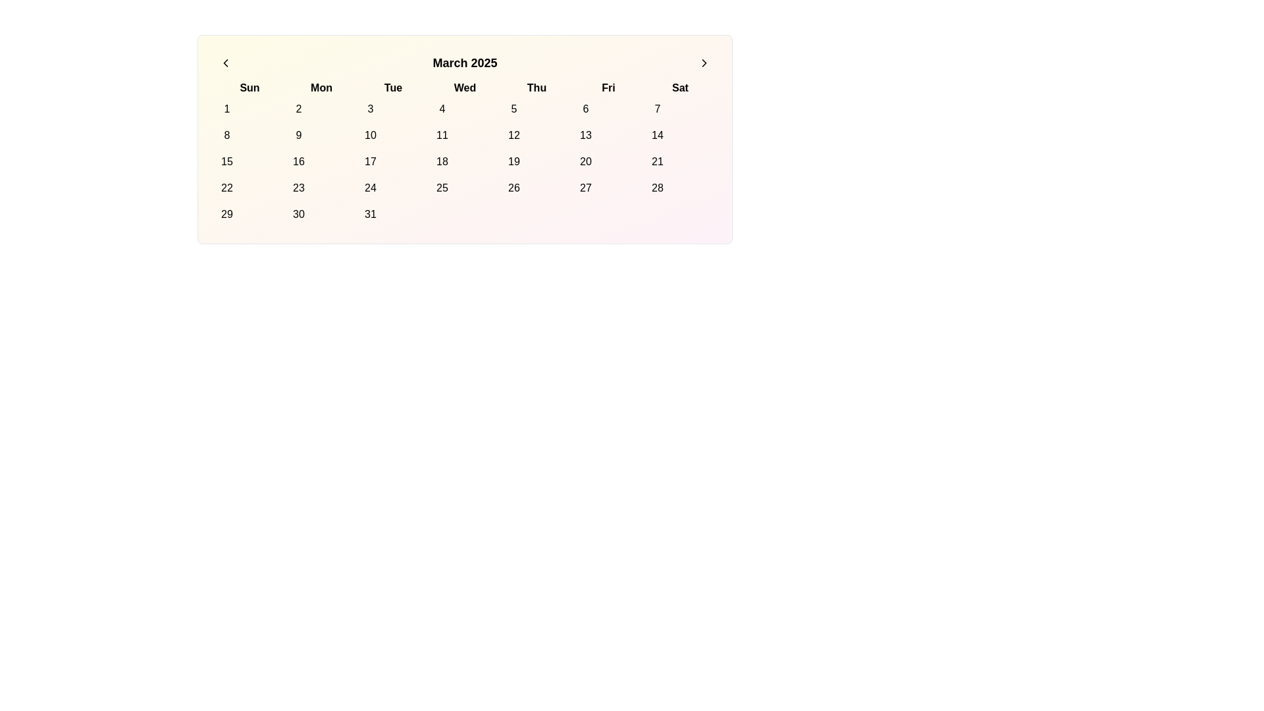 The width and height of the screenshot is (1264, 711). Describe the element at coordinates (657, 108) in the screenshot. I see `the selectable button representing the 7th day of the month in the calendar interface to change its background color` at that location.